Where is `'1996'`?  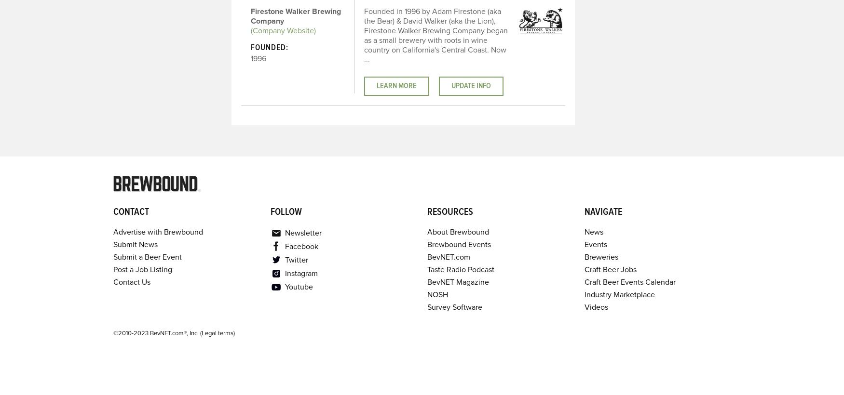
'1996' is located at coordinates (257, 58).